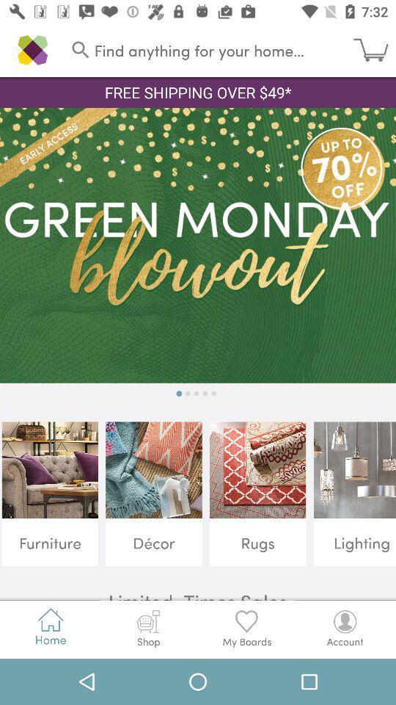 The width and height of the screenshot is (396, 705). Describe the element at coordinates (198, 245) in the screenshot. I see `icon below the free shipping over item` at that location.